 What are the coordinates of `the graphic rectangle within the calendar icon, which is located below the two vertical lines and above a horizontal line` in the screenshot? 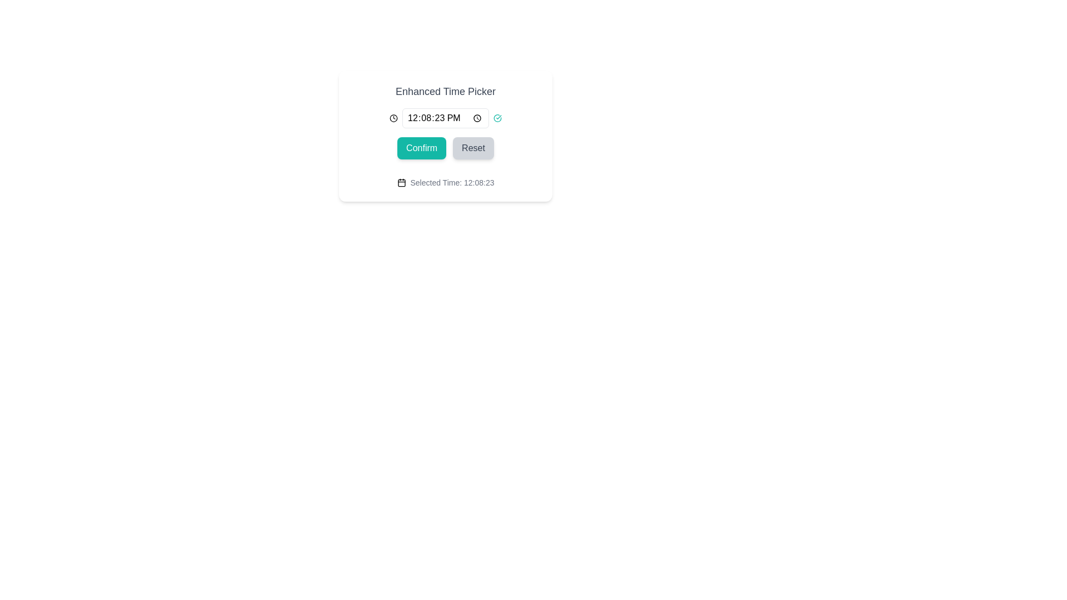 It's located at (401, 182).